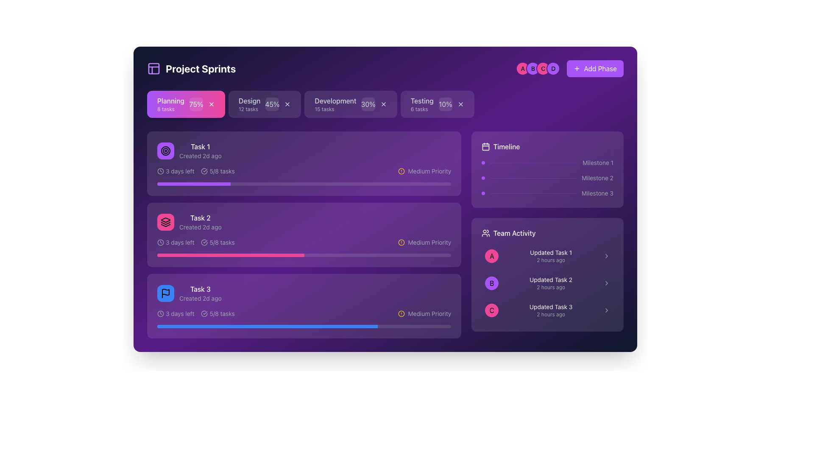 The width and height of the screenshot is (814, 458). Describe the element at coordinates (200, 227) in the screenshot. I see `the text label 'Created 2d ago' styled in light gray on a purple background, located below 'Task 2' in the task card list` at that location.